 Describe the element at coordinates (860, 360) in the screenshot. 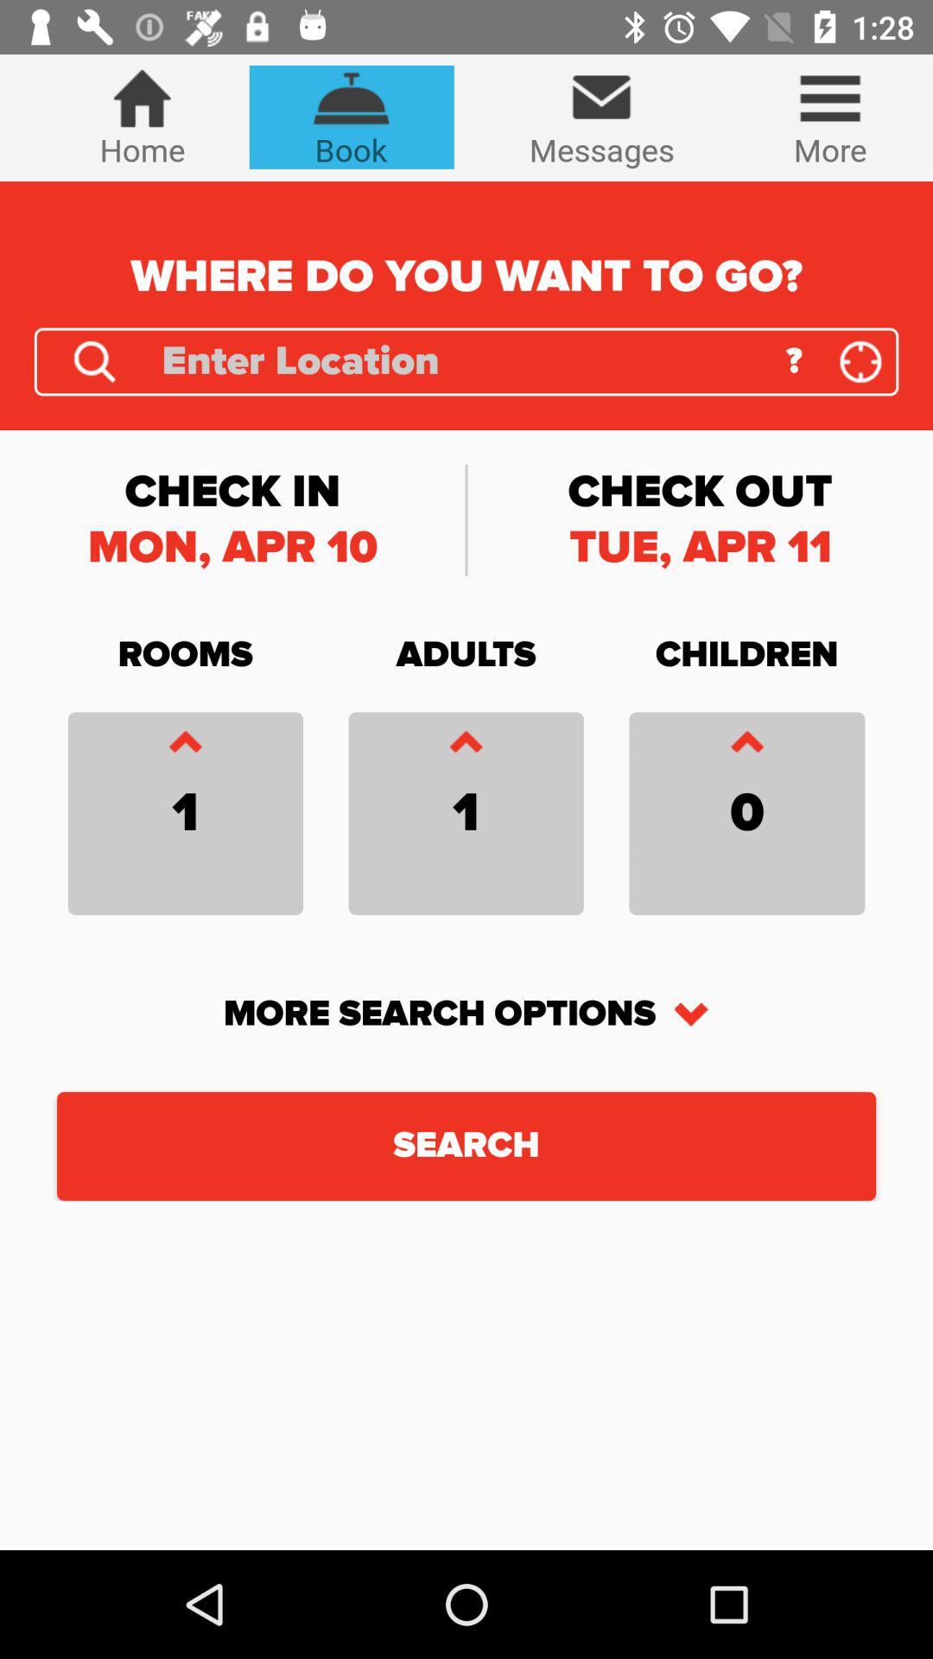

I see `put location` at that location.